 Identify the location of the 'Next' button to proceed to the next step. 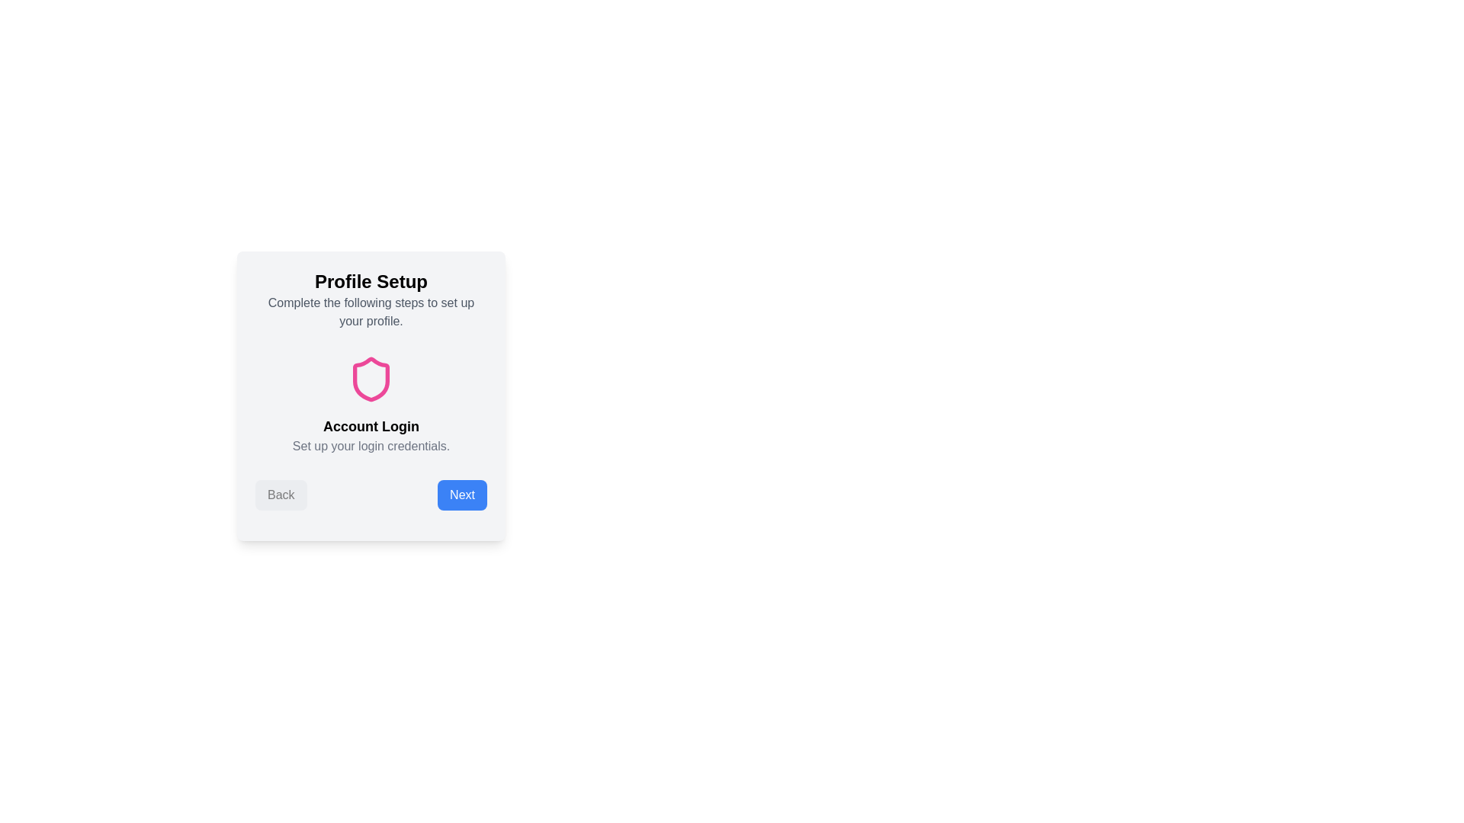
(461, 495).